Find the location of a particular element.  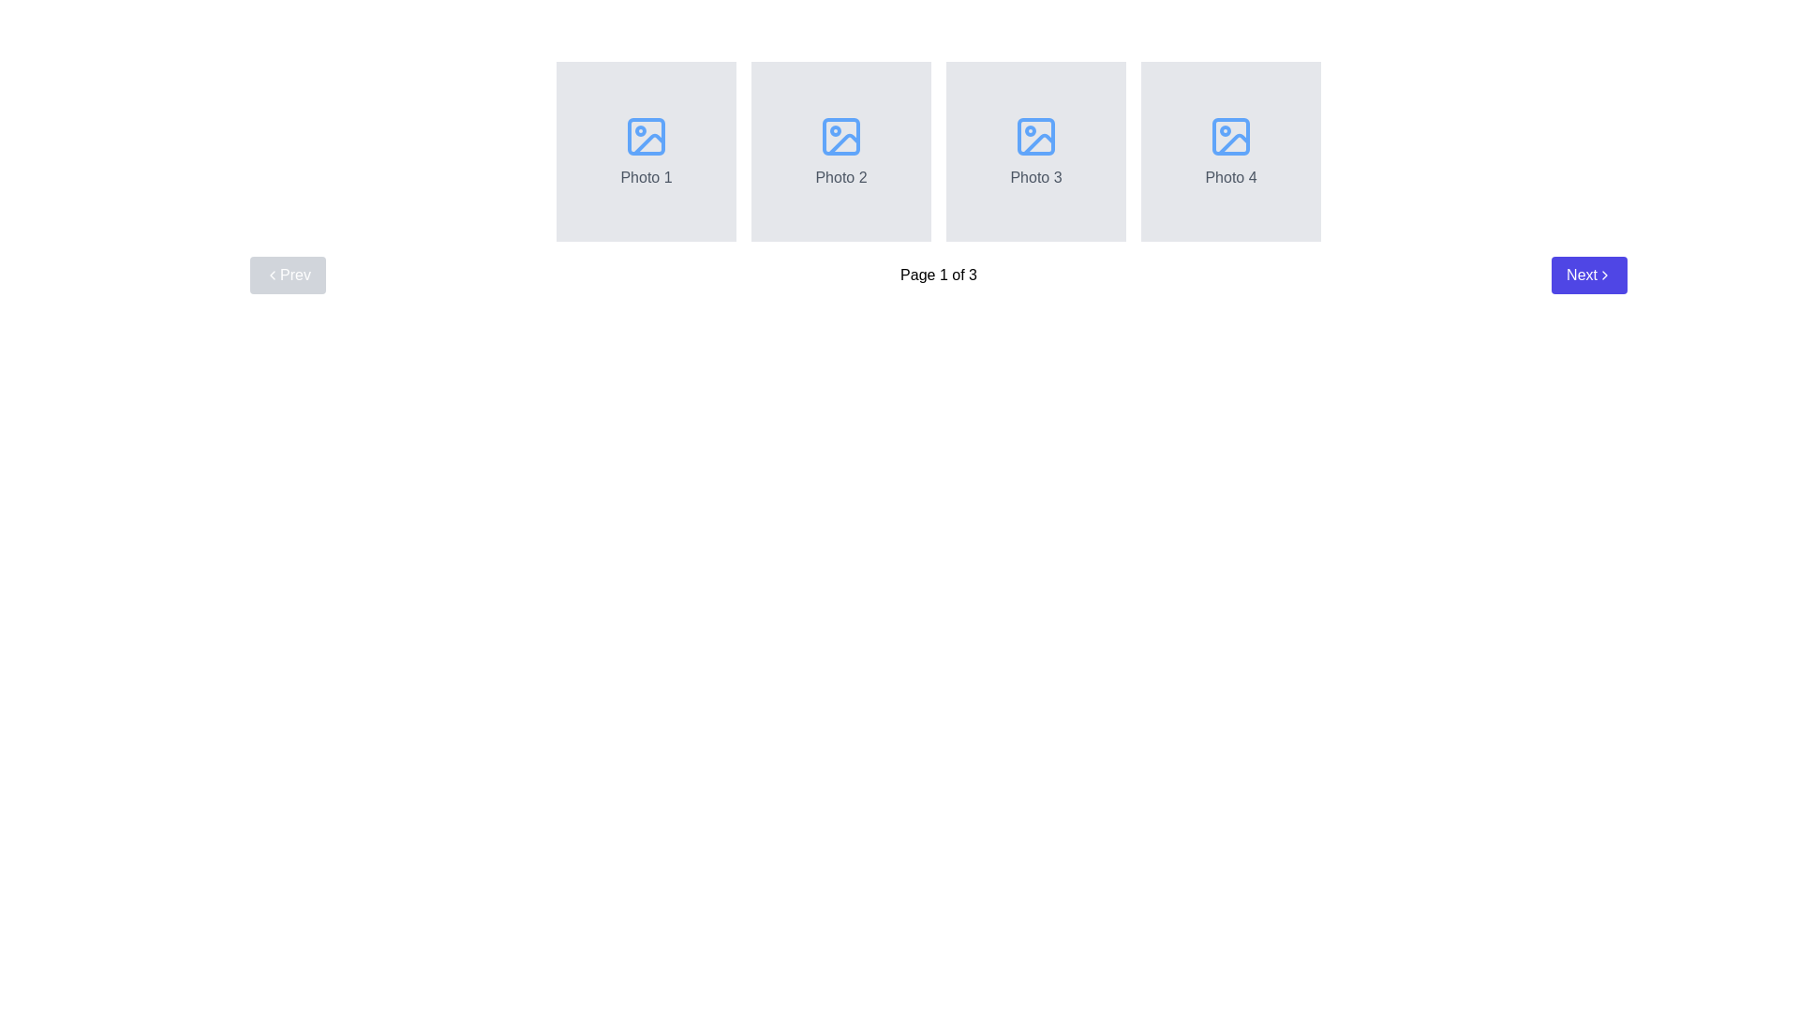

the gallery item representing 'Photo 2', which is the second item in a horizontal gallery of four items is located at coordinates (840, 151).